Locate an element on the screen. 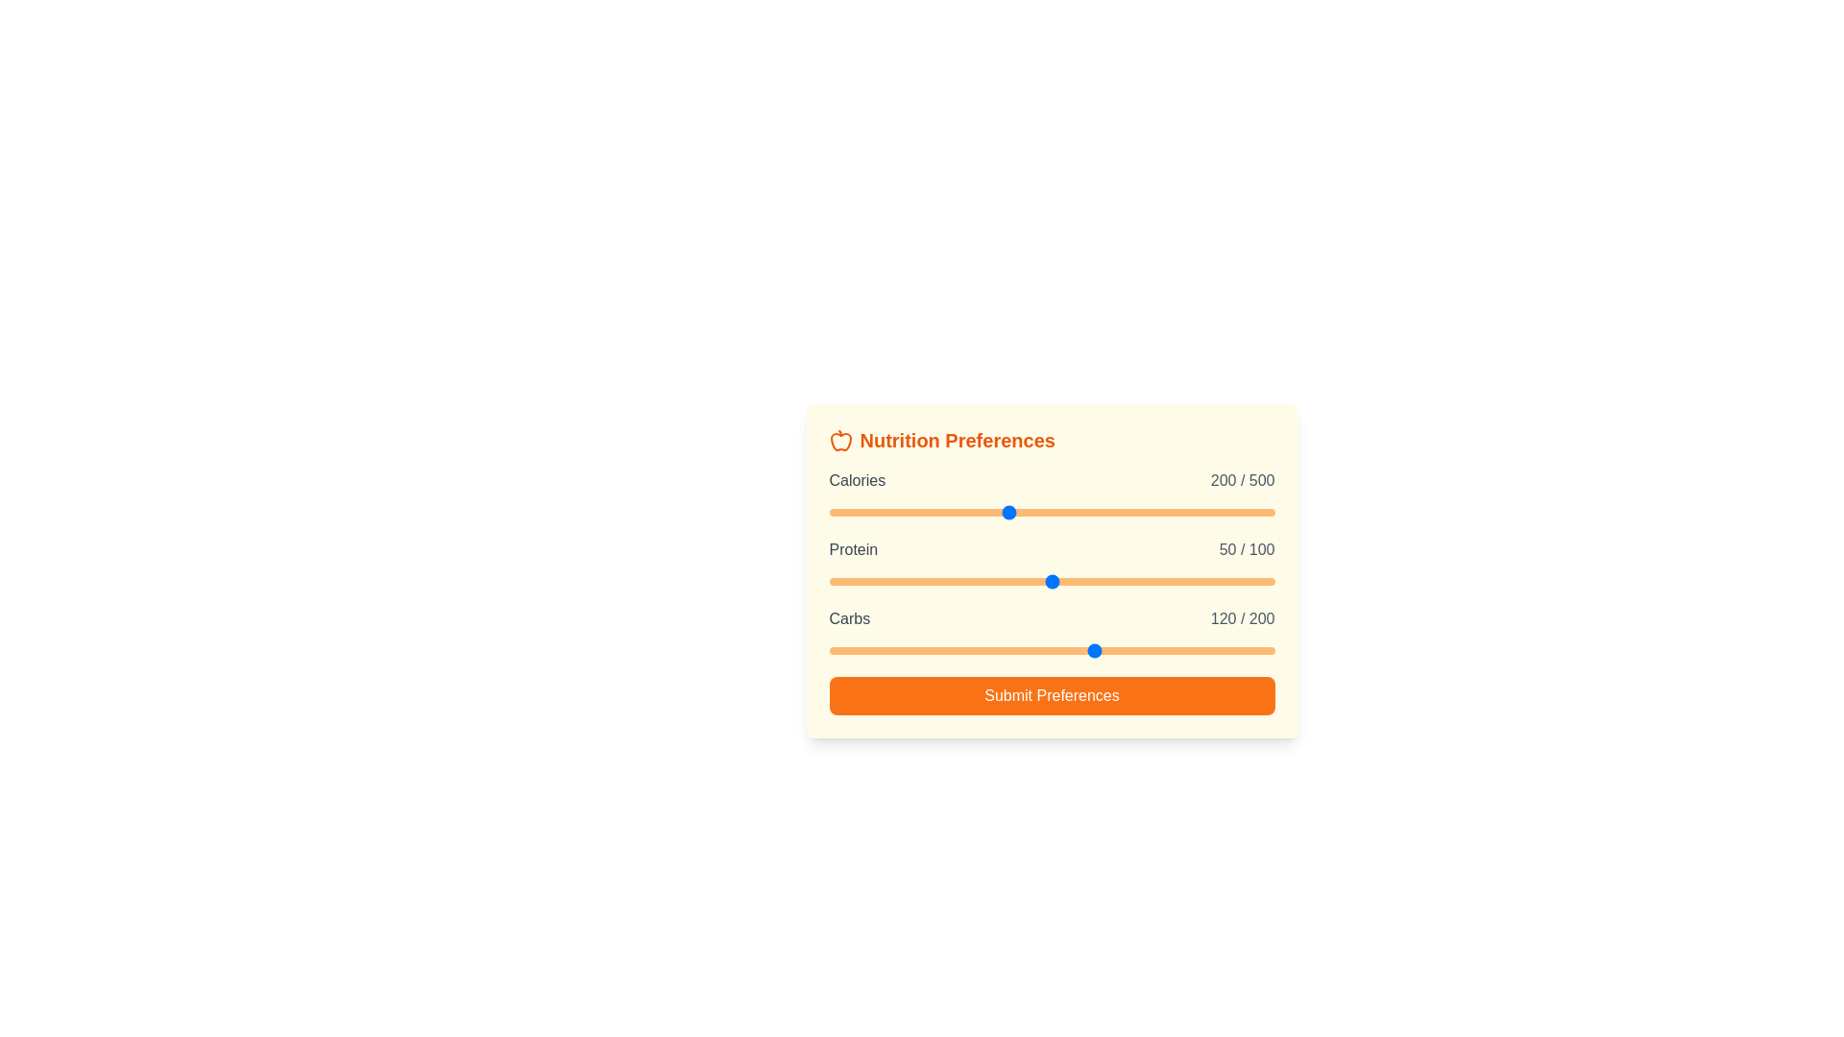 The width and height of the screenshot is (1844, 1037). the static text label displaying '50 / 100', which is located to the right of the word 'Protein' in the second row of nutritional categories is located at coordinates (1247, 550).